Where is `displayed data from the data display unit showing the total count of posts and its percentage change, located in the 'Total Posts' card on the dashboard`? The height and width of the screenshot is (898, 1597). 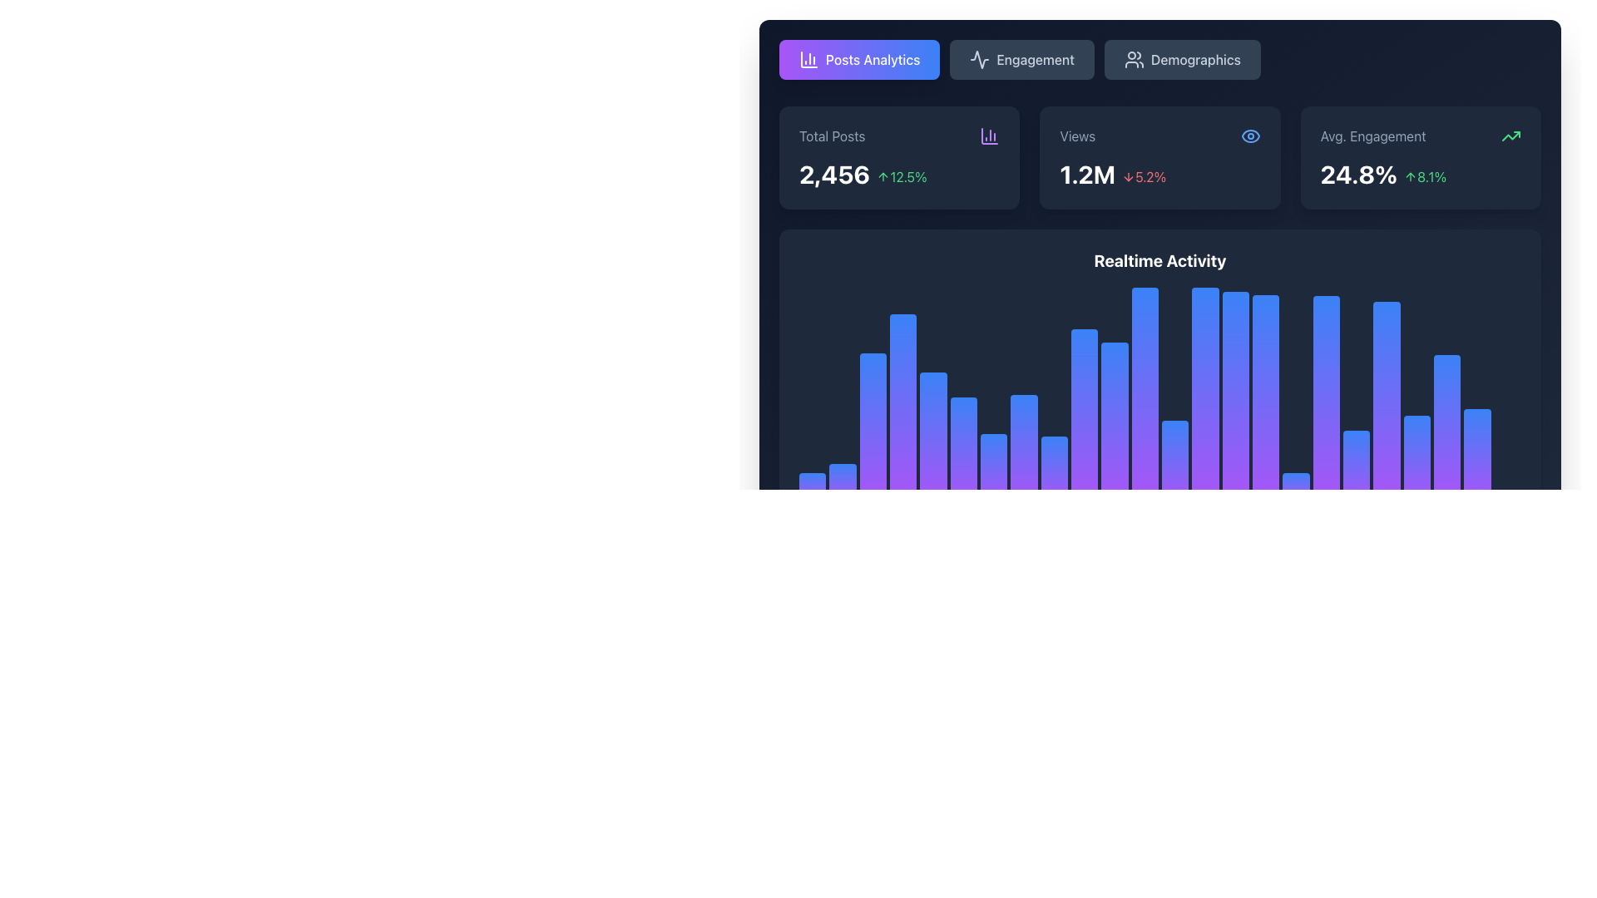
displayed data from the data display unit showing the total count of posts and its percentage change, located in the 'Total Posts' card on the dashboard is located at coordinates (898, 174).